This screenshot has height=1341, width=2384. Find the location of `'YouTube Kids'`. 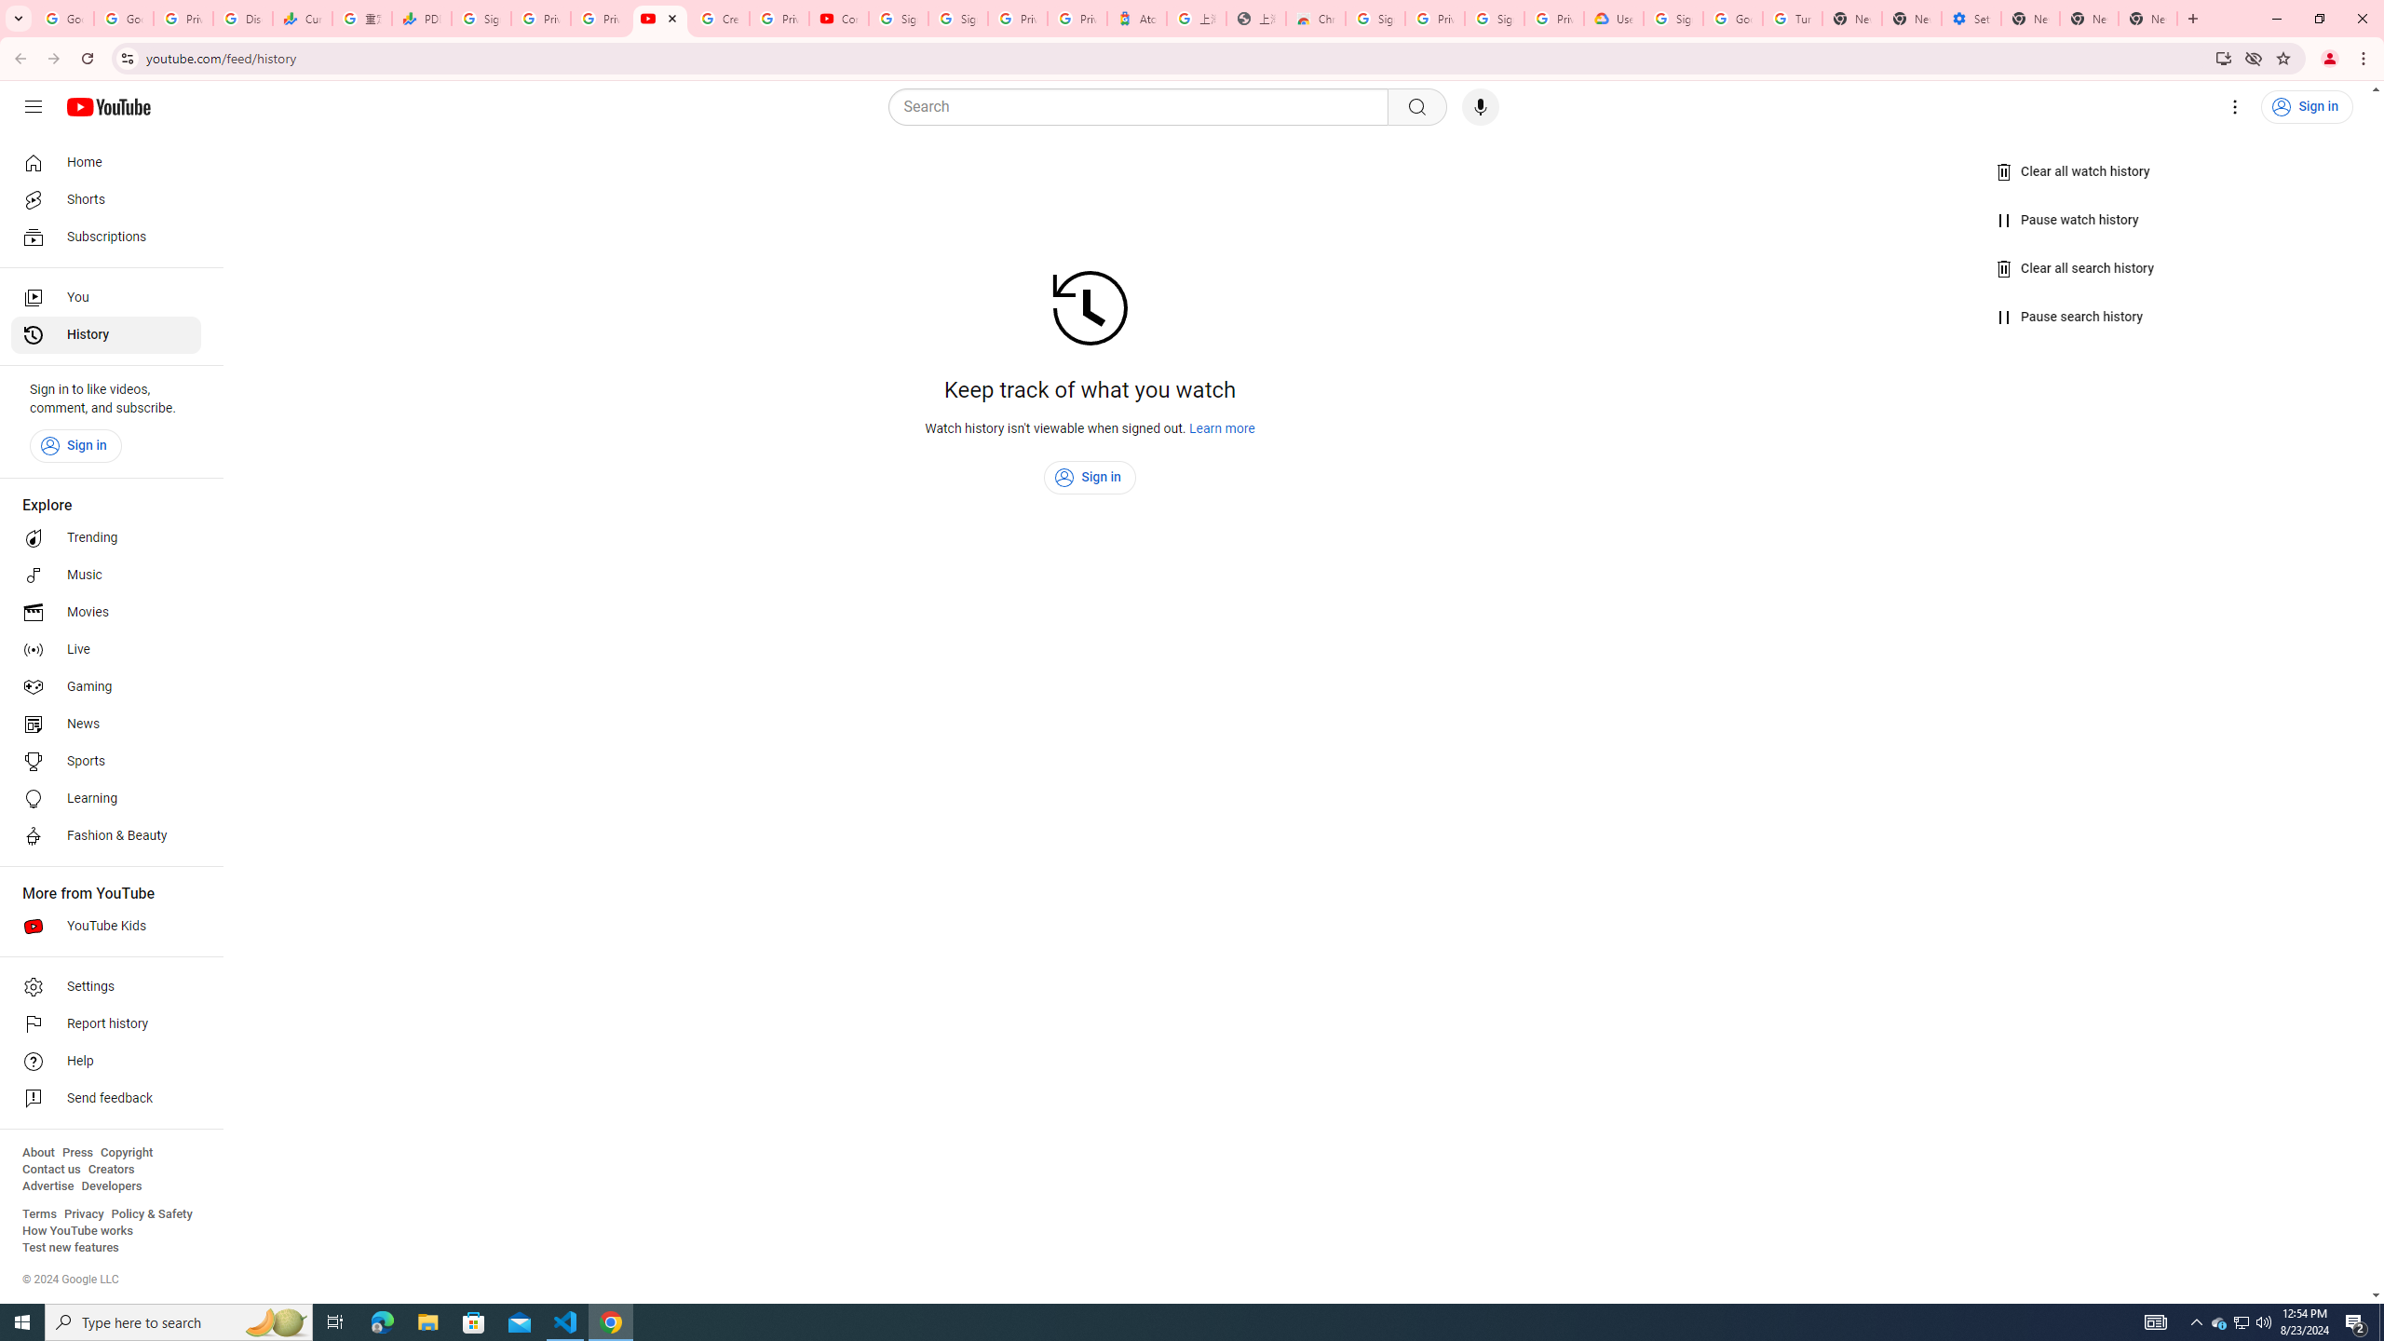

'YouTube Kids' is located at coordinates (105, 927).